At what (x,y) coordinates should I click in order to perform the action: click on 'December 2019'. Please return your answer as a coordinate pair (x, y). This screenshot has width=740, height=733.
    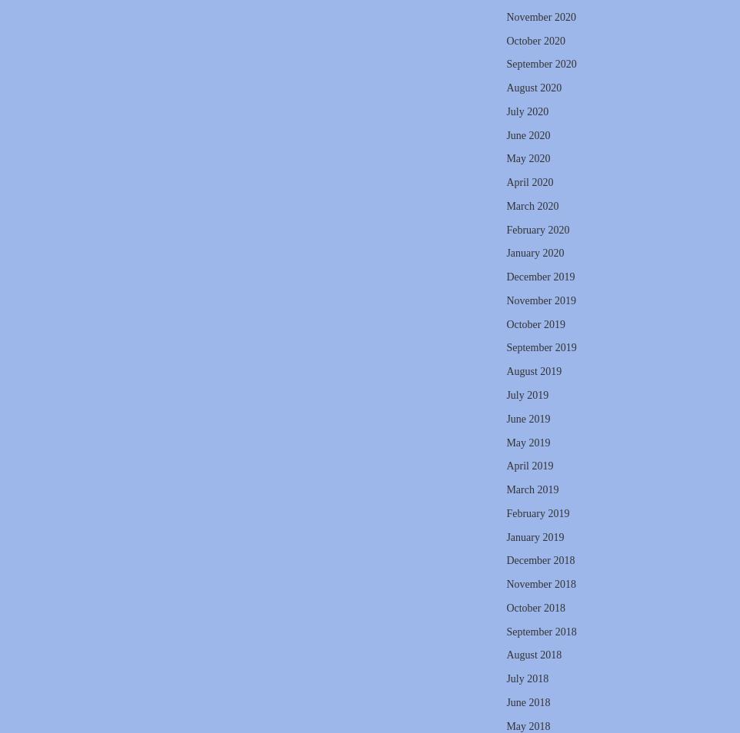
    Looking at the image, I should click on (539, 277).